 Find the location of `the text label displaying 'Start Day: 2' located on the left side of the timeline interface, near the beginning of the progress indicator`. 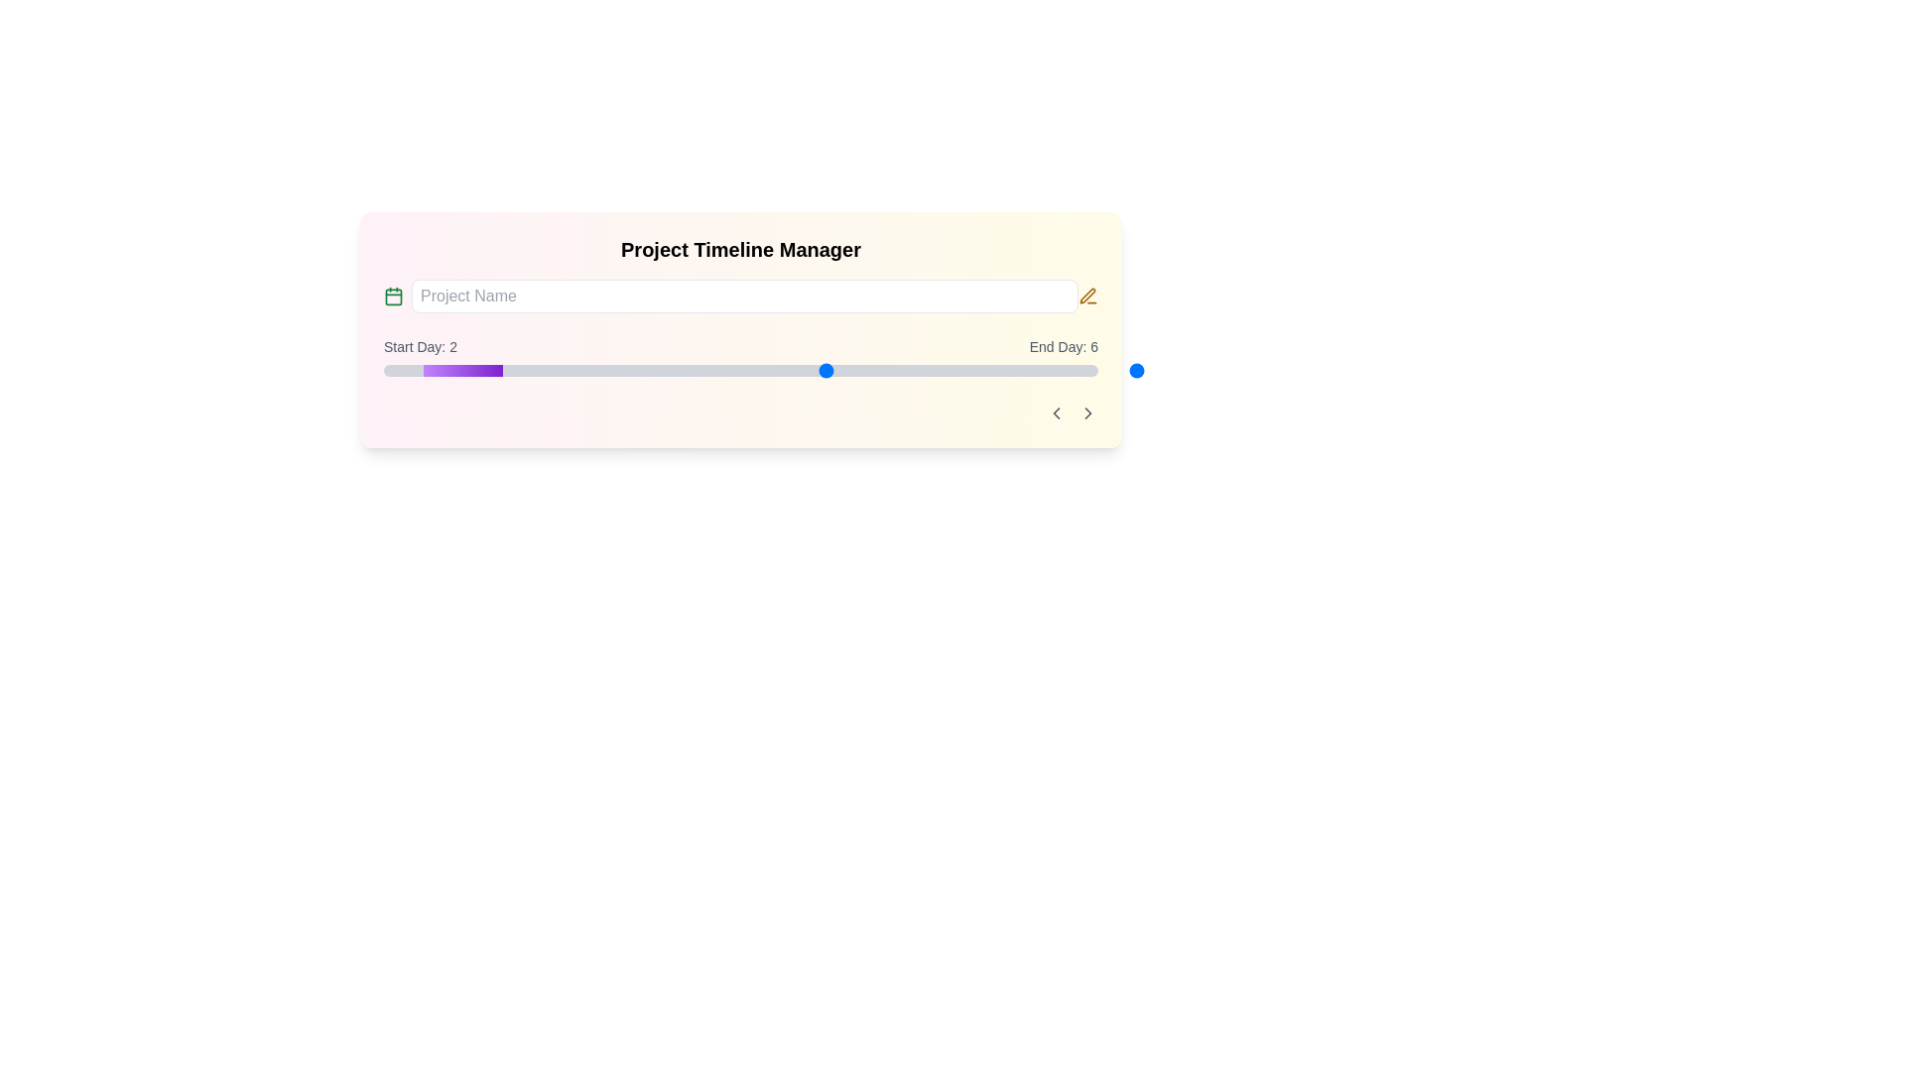

the text label displaying 'Start Day: 2' located on the left side of the timeline interface, near the beginning of the progress indicator is located at coordinates (419, 346).